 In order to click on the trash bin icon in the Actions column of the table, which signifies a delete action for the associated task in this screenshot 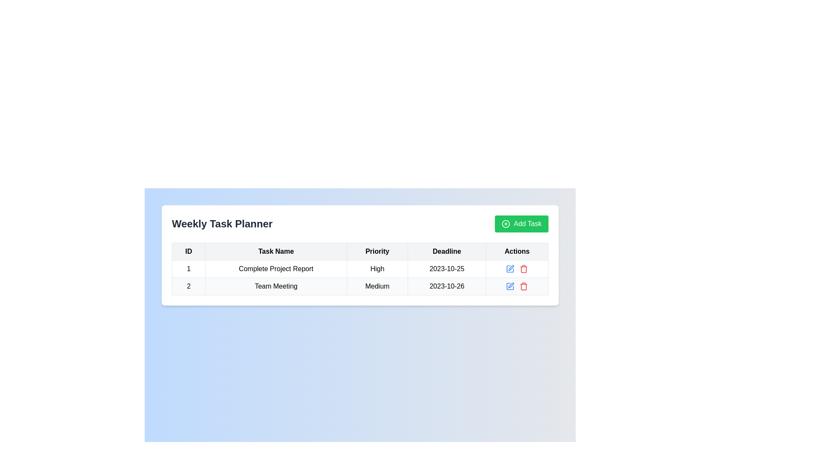, I will do `click(523, 269)`.